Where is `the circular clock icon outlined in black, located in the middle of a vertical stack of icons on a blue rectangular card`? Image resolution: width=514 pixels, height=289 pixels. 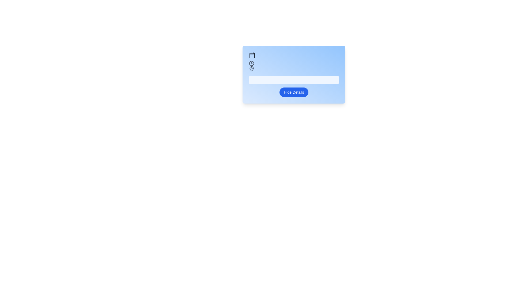 the circular clock icon outlined in black, located in the middle of a vertical stack of icons on a blue rectangular card is located at coordinates (251, 63).